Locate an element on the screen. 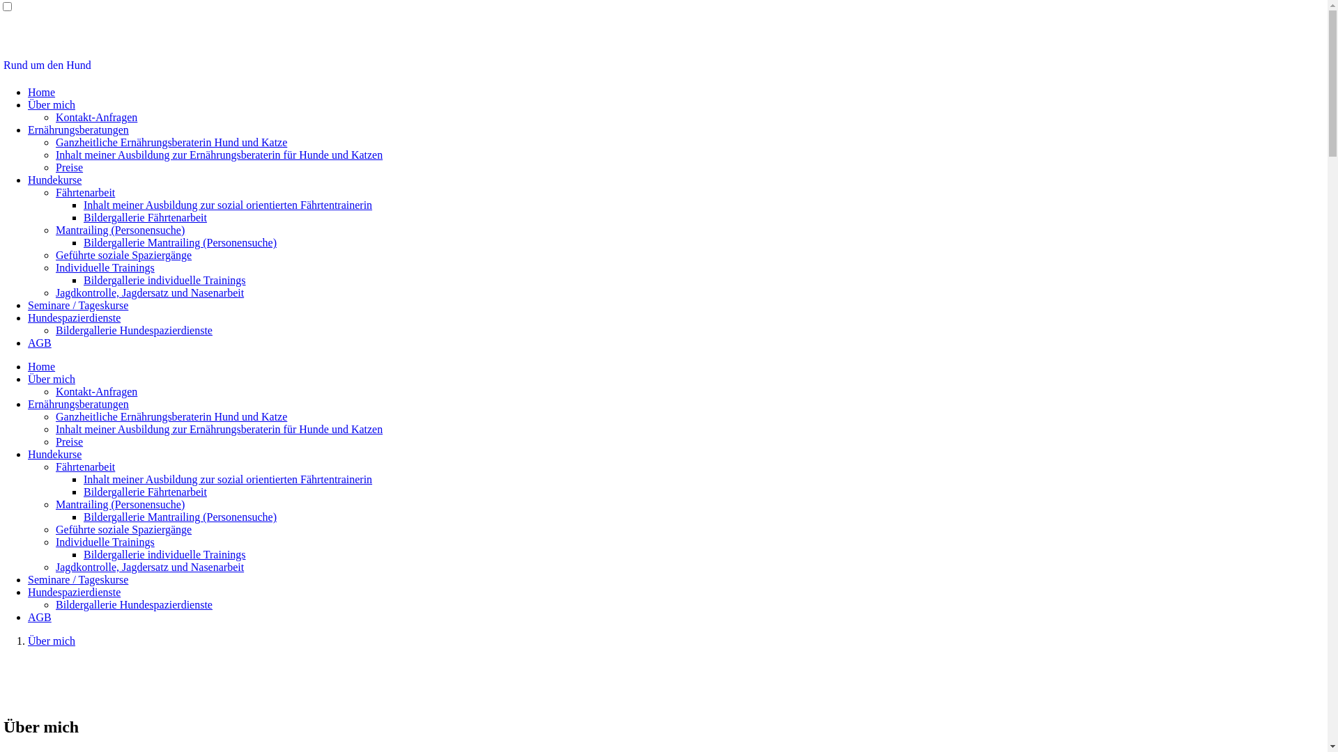 The height and width of the screenshot is (752, 1338). 'Preise' is located at coordinates (68, 166).